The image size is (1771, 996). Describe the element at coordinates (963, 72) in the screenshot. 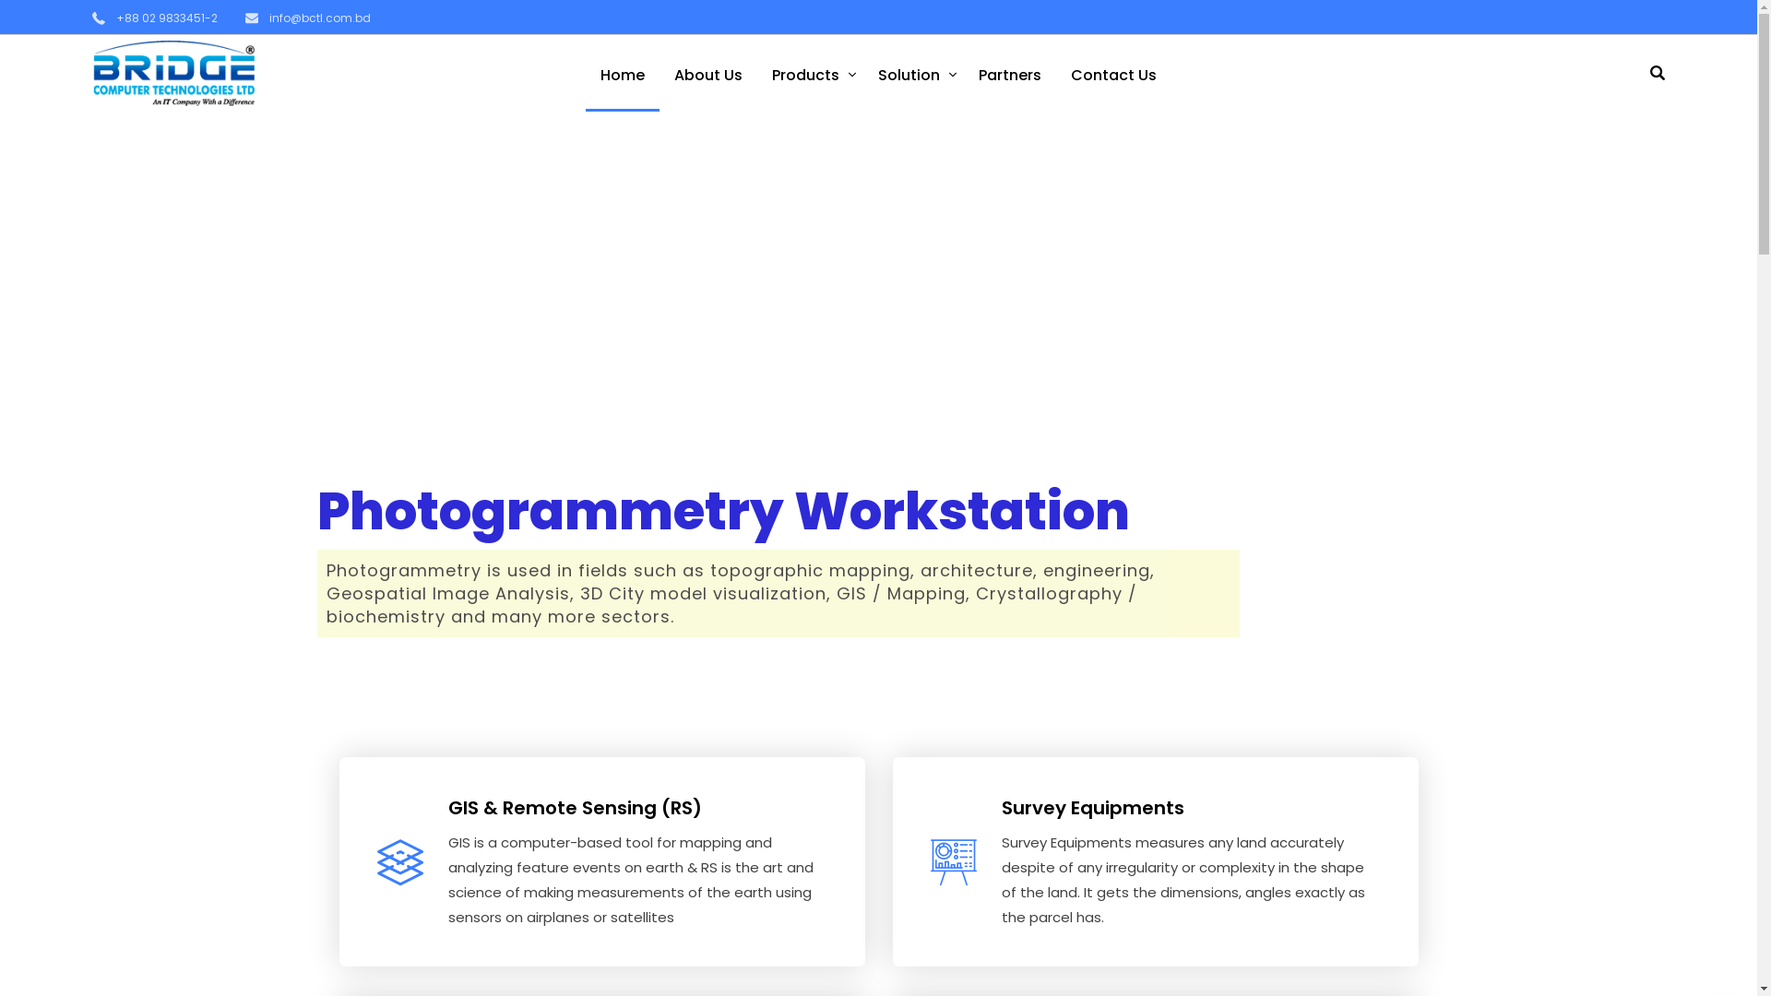

I see `'Partners'` at that location.